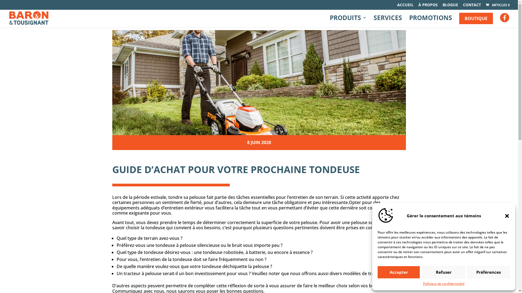 The height and width of the screenshot is (293, 522). What do you see at coordinates (500, 18) in the screenshot?
I see `'FACEBOOK'` at bounding box center [500, 18].